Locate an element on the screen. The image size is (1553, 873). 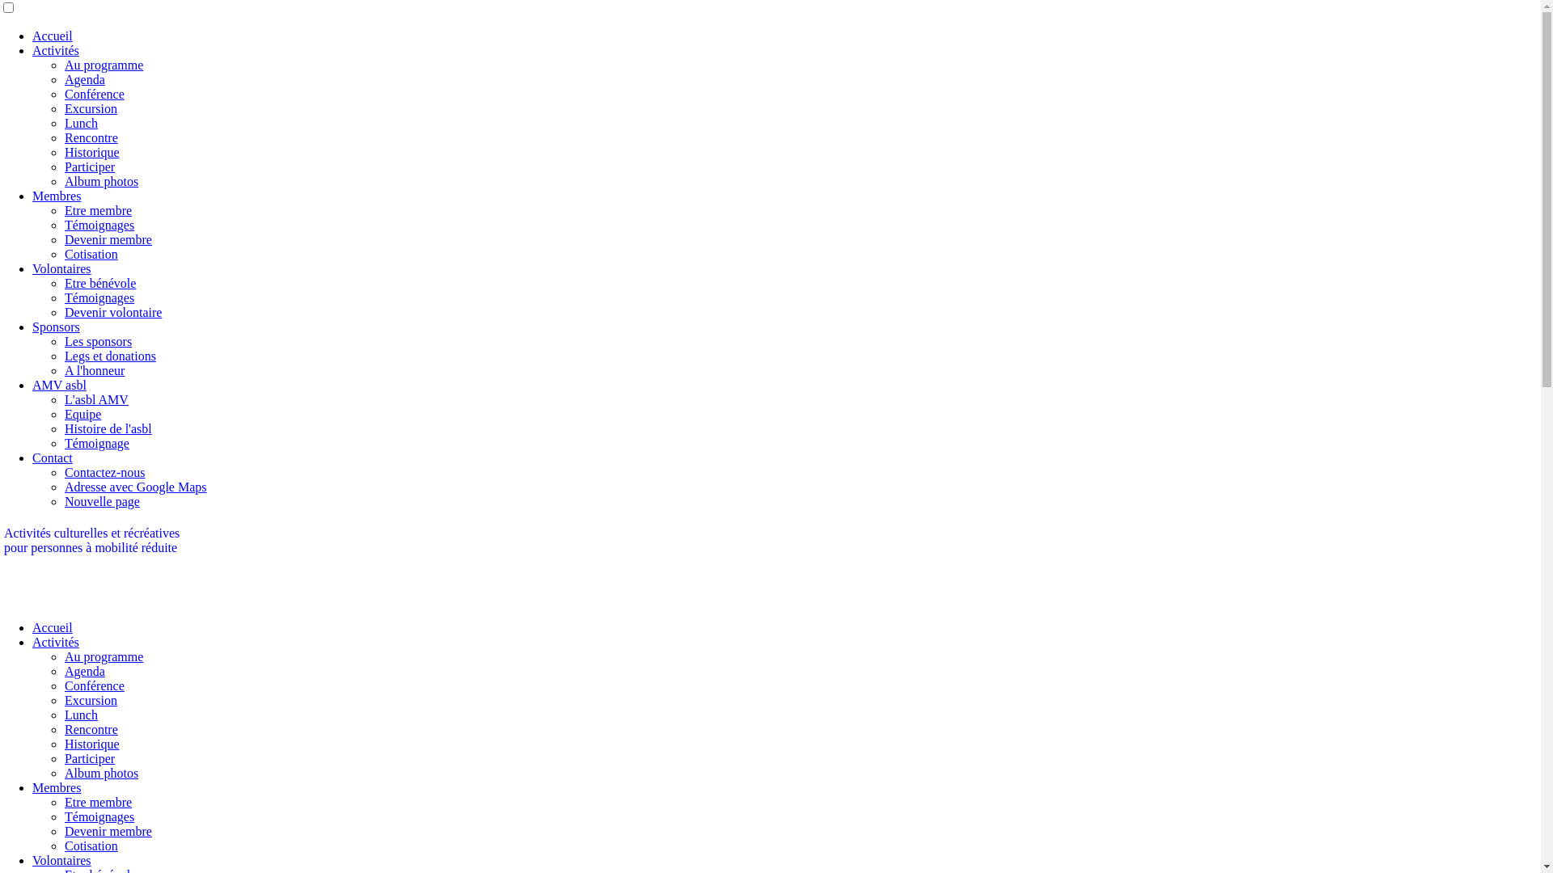
'A l'honneur' is located at coordinates (65, 370).